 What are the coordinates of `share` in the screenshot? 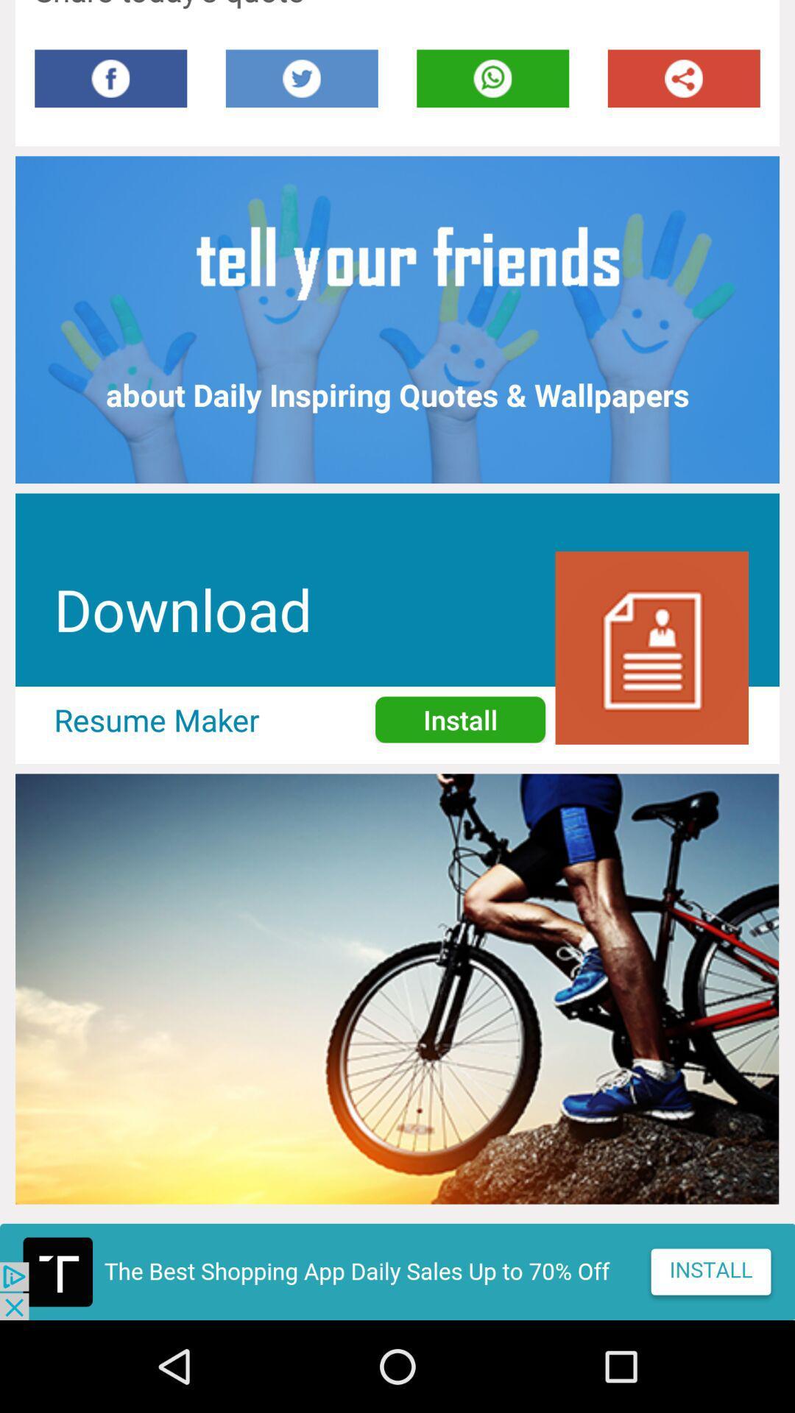 It's located at (684, 77).